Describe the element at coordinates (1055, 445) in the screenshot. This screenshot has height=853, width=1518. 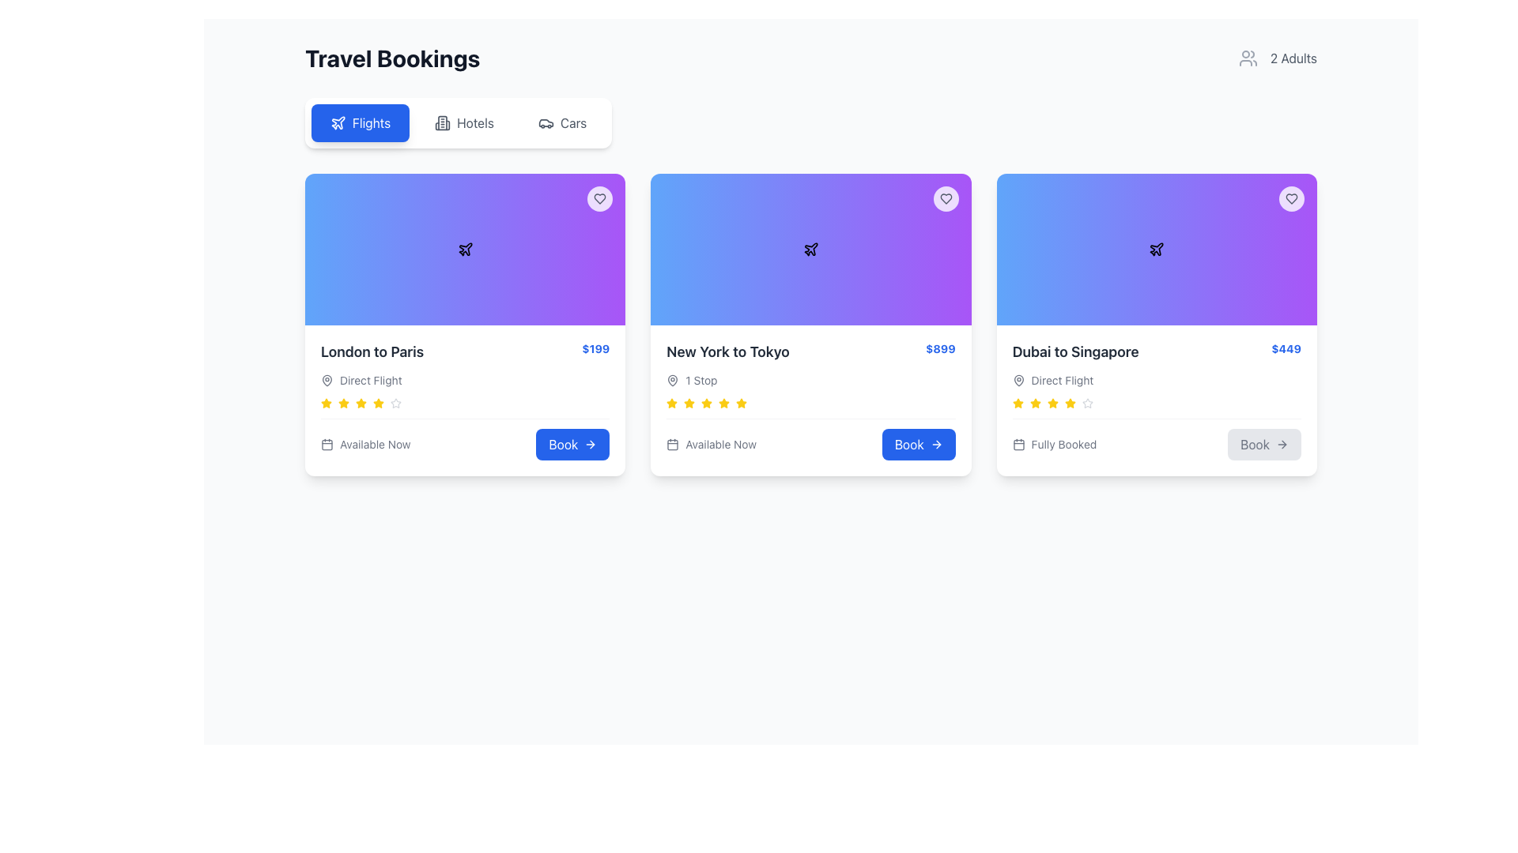
I see `status information from the label indicating that the trip option is not bookable due to all slots being filled, positioned above the 'Book' button in the travel booking interface` at that location.